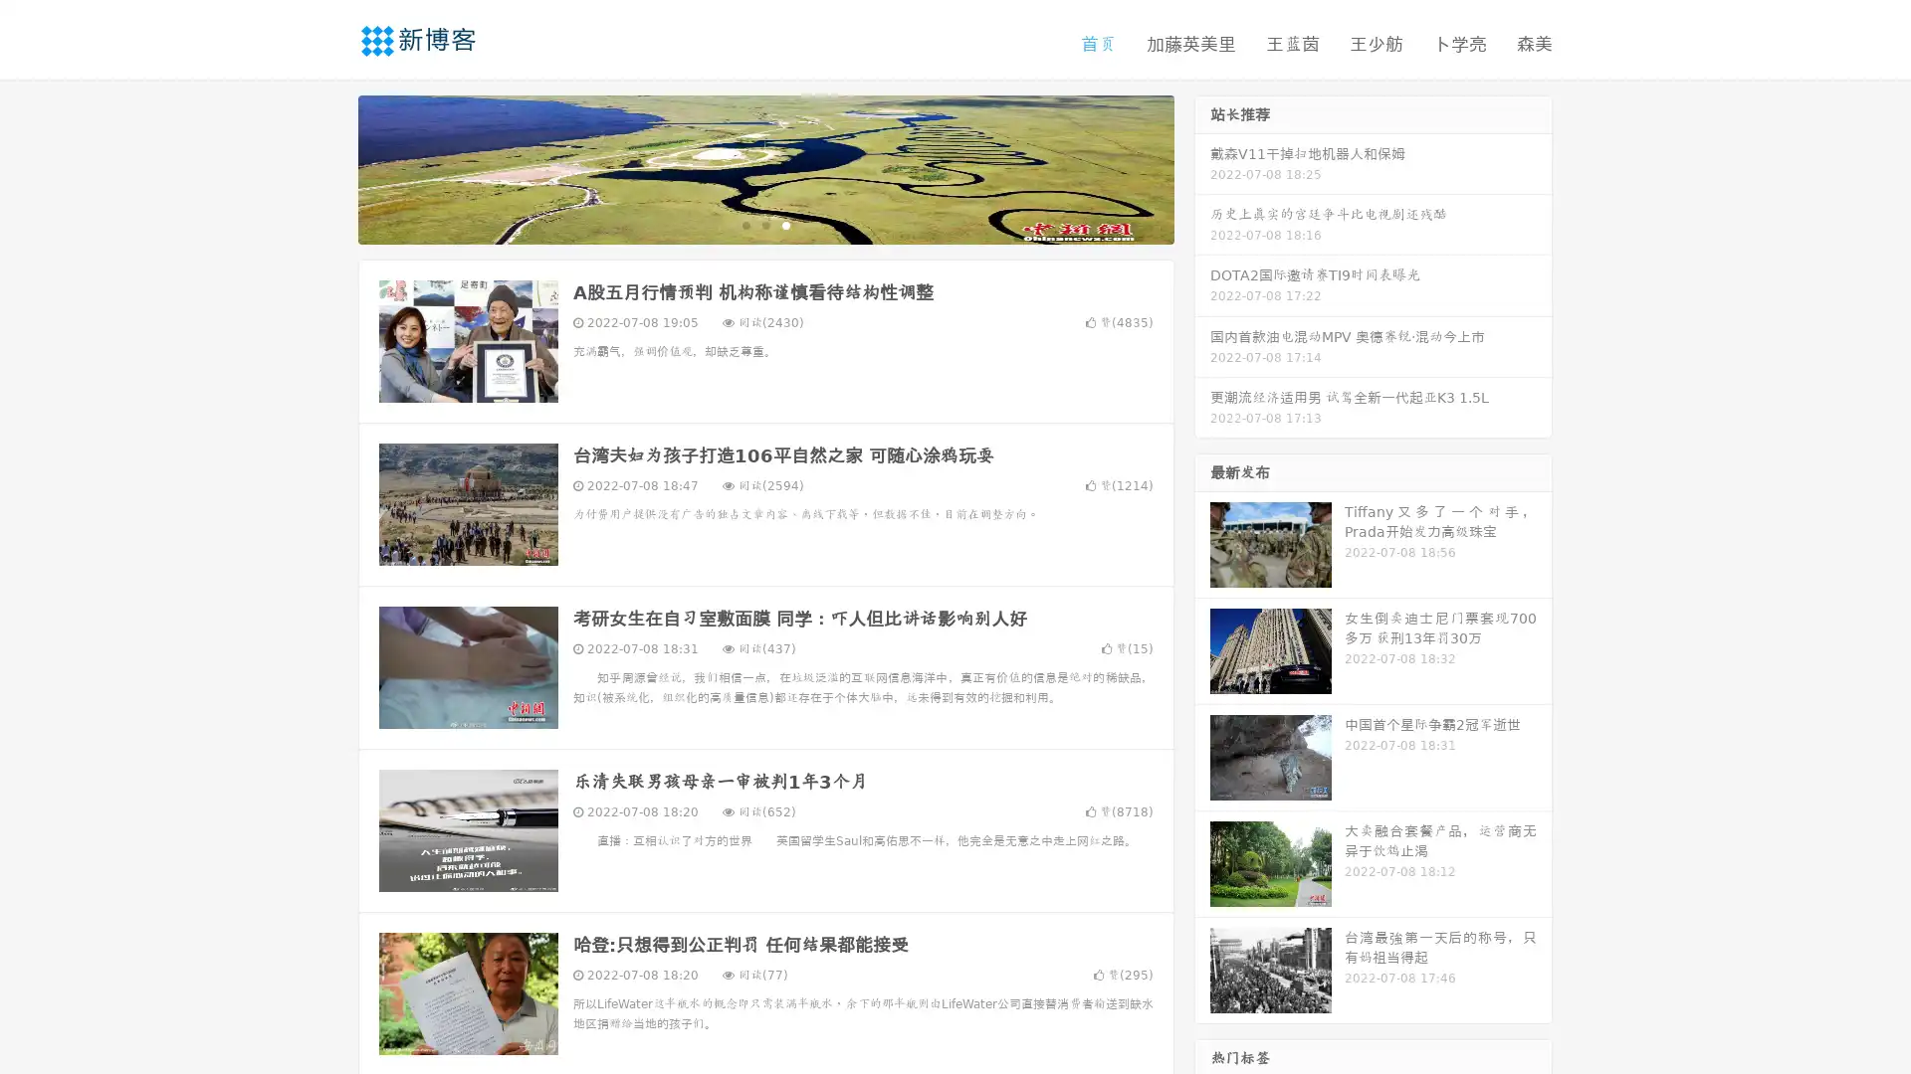  I want to click on Previous slide, so click(328, 167).